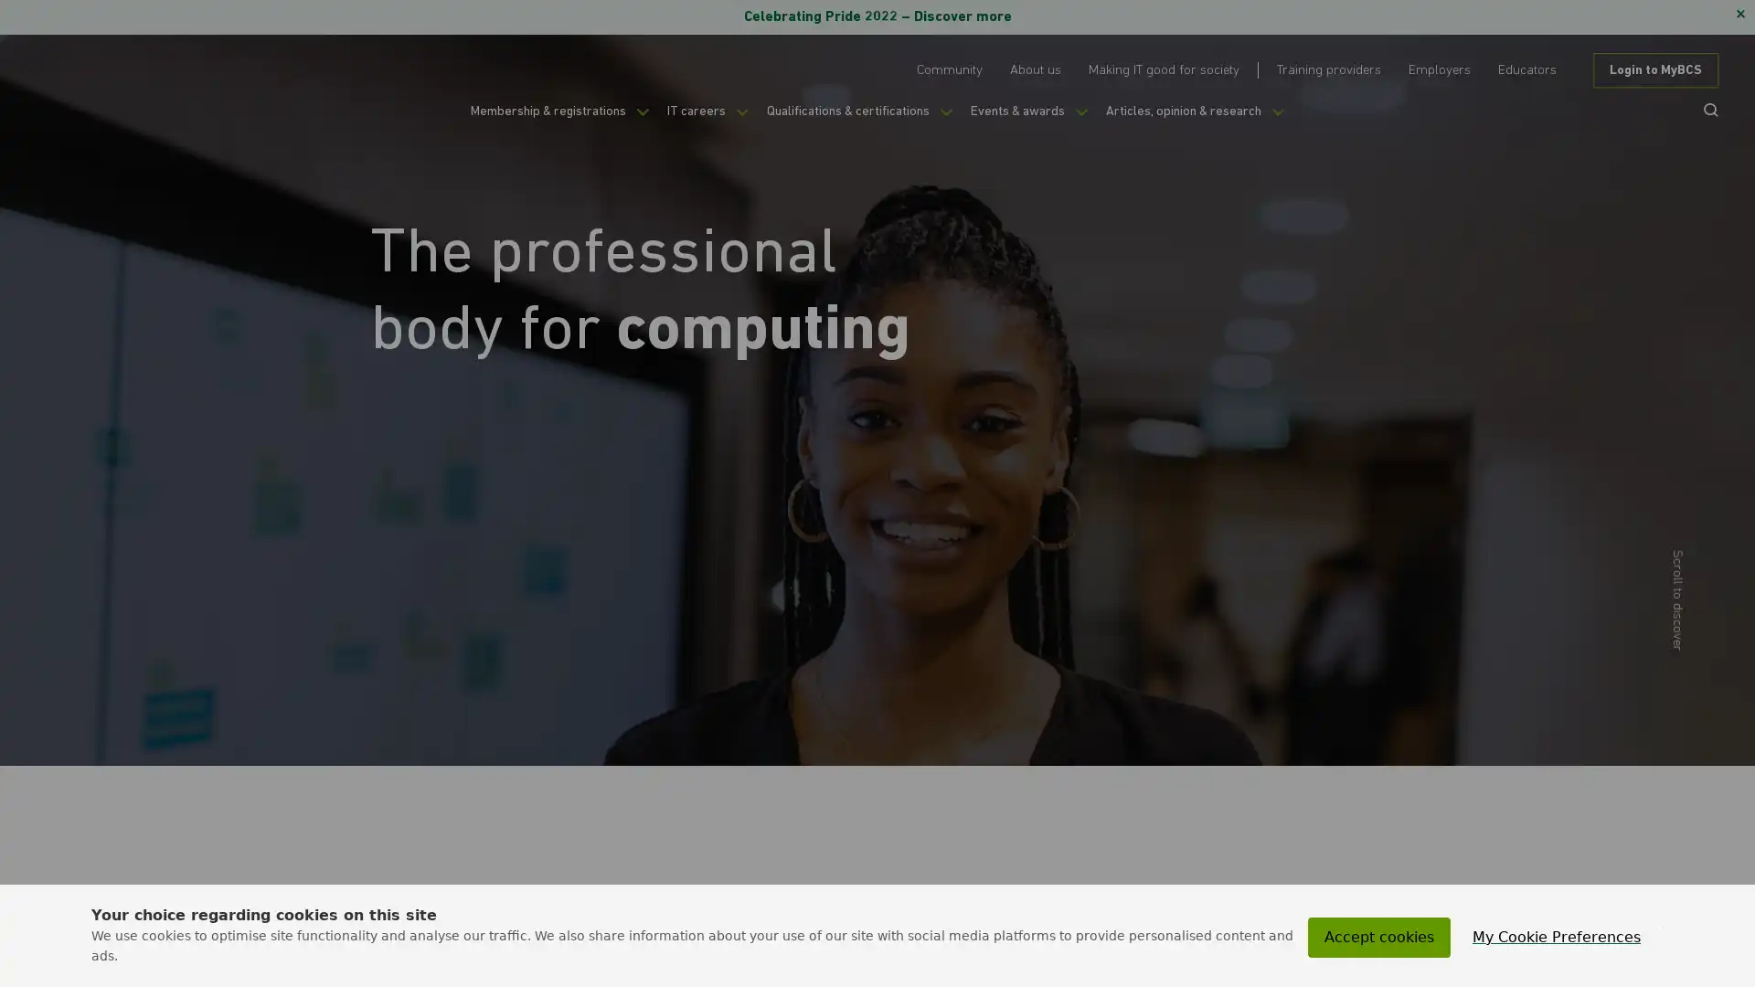 This screenshot has height=987, width=1755. What do you see at coordinates (857, 121) in the screenshot?
I see `Qualifications & certifications` at bounding box center [857, 121].